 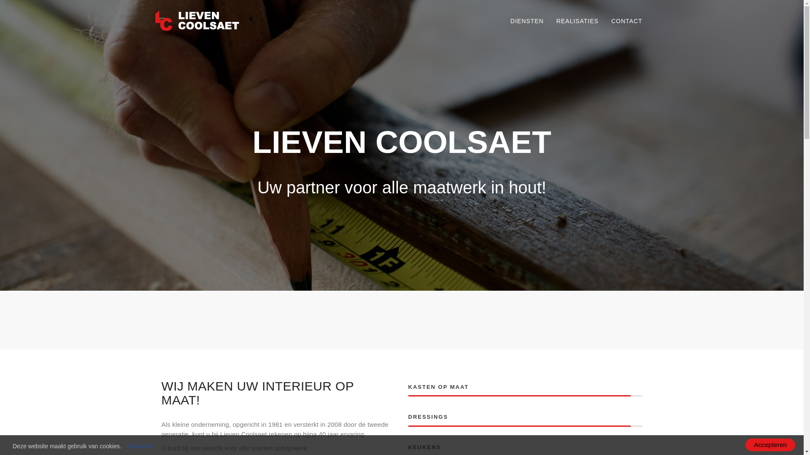 What do you see at coordinates (526, 21) in the screenshot?
I see `'DIENSTEN'` at bounding box center [526, 21].